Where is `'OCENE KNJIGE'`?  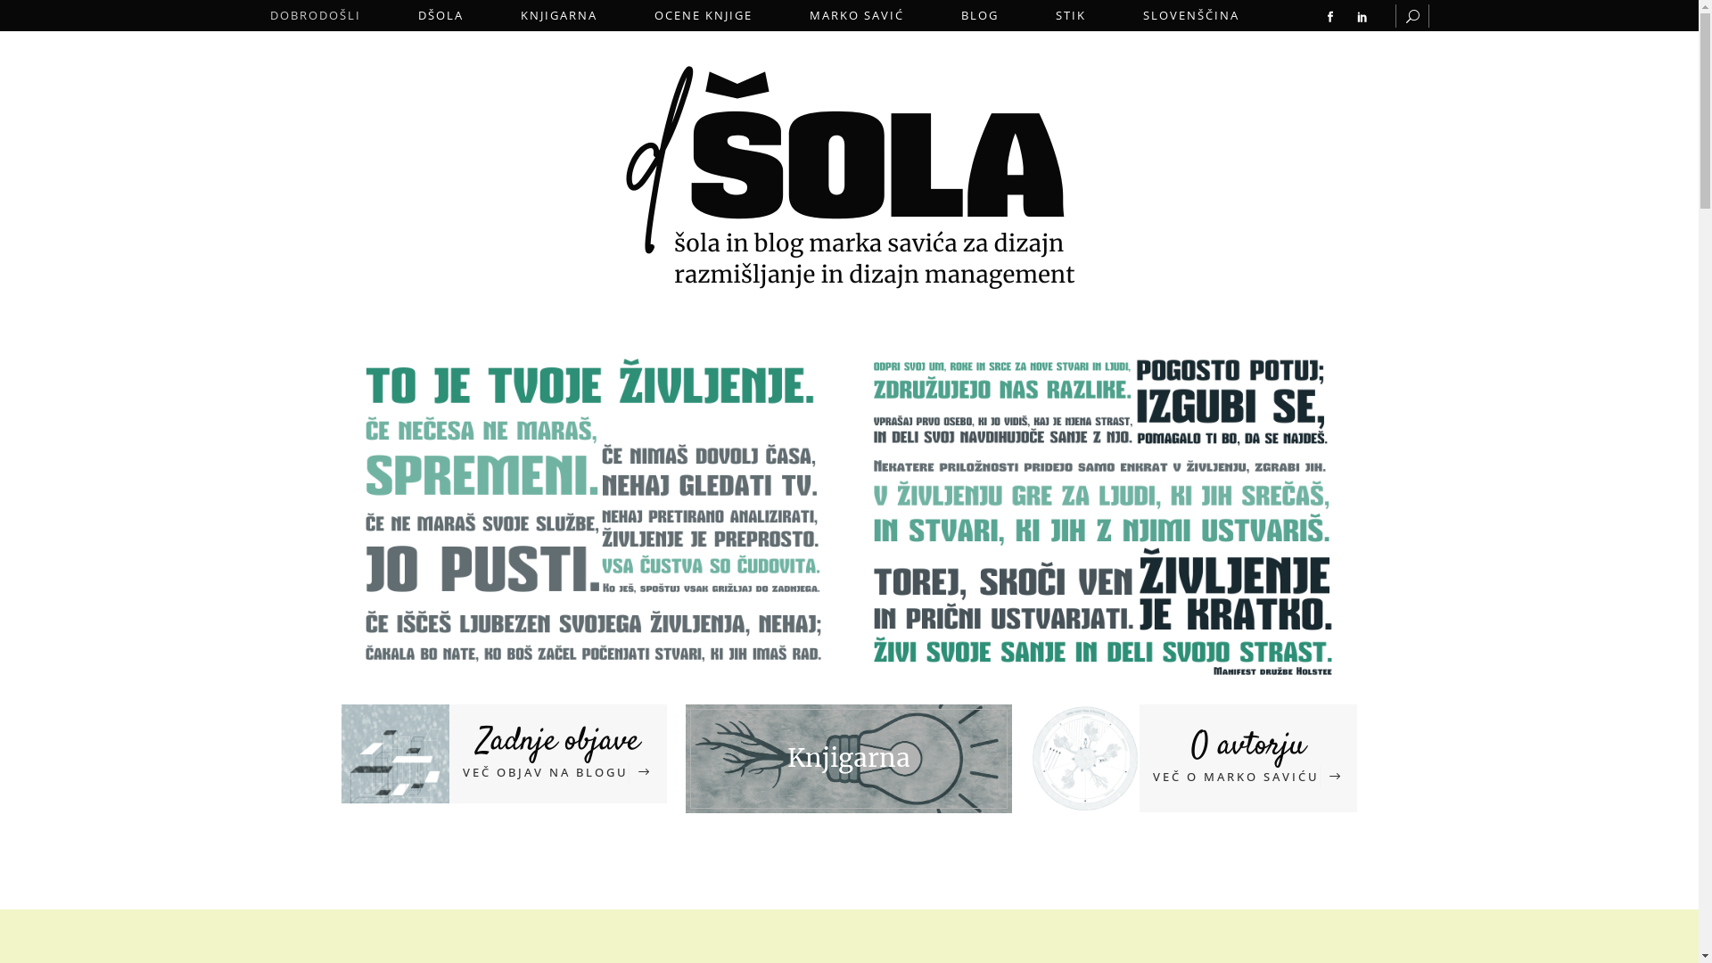 'OCENE KNJIGE' is located at coordinates (702, 15).